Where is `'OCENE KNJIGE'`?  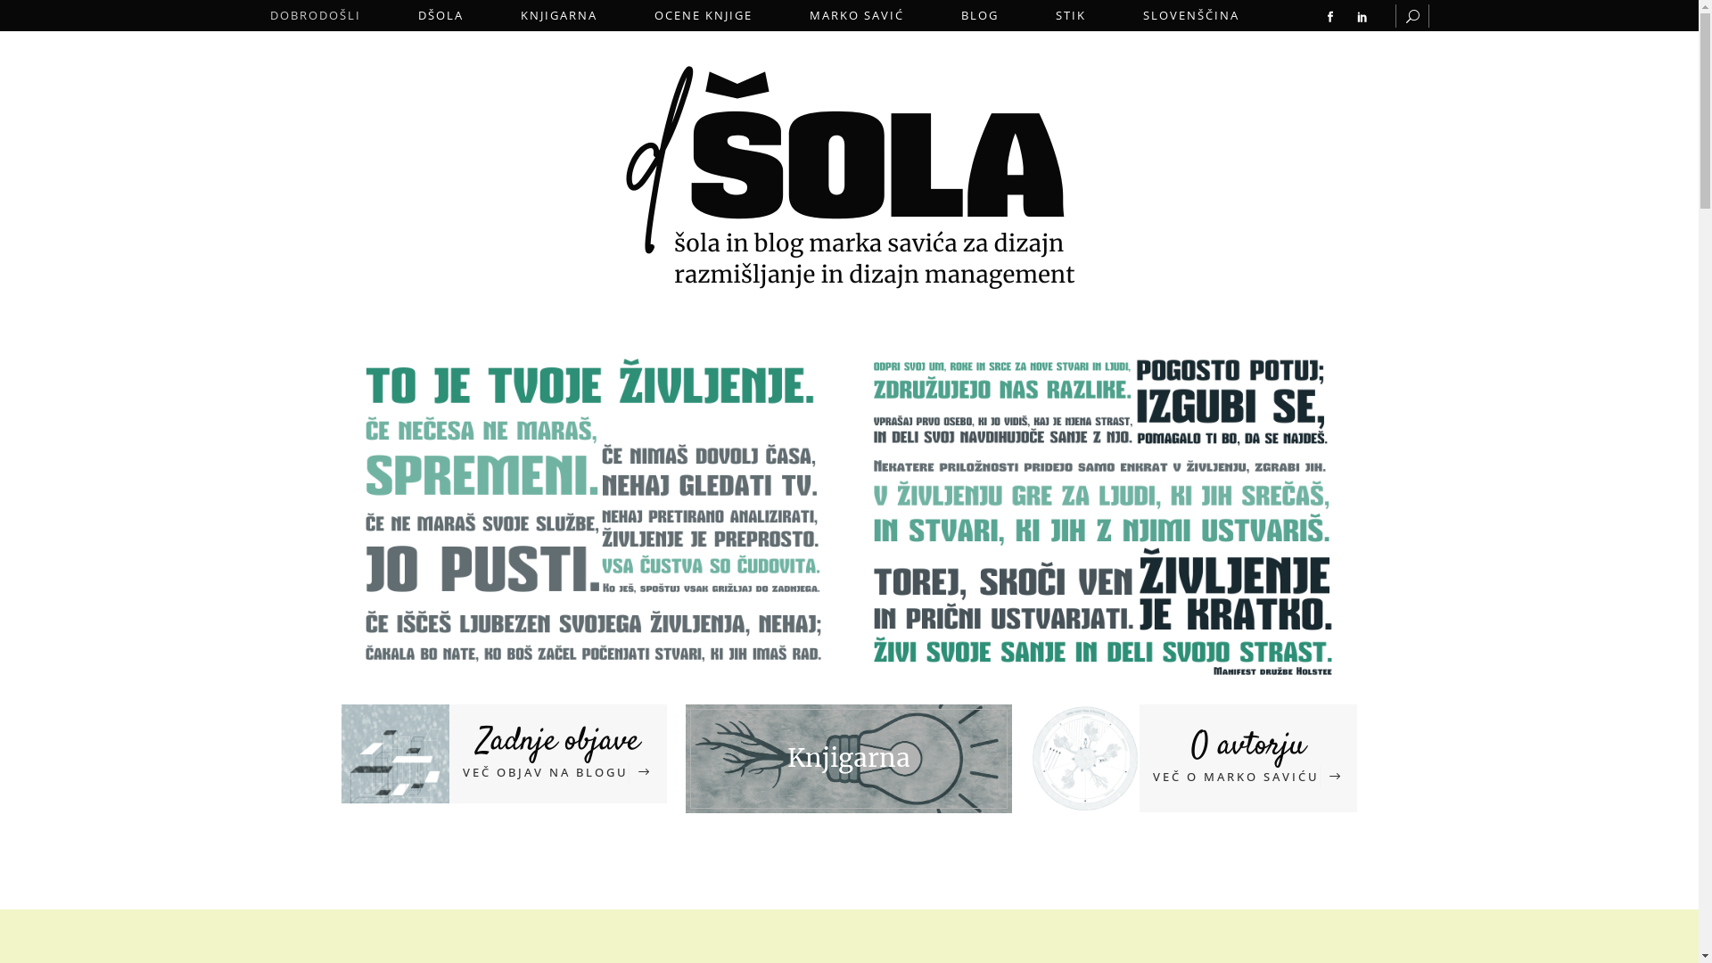 'OCENE KNJIGE' is located at coordinates (702, 15).